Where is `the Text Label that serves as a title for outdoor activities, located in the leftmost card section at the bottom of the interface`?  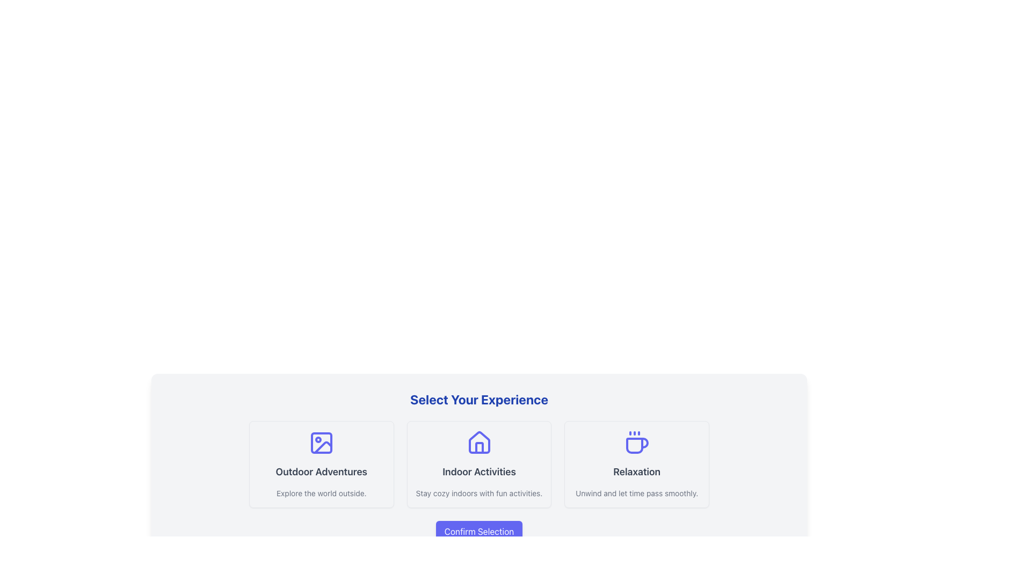
the Text Label that serves as a title for outdoor activities, located in the leftmost card section at the bottom of the interface is located at coordinates (321, 472).